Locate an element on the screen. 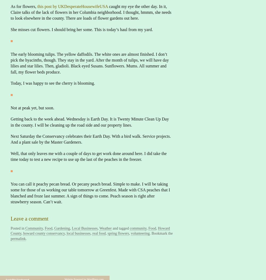 This screenshot has height=280, width=266. 'Weather' is located at coordinates (99, 228).